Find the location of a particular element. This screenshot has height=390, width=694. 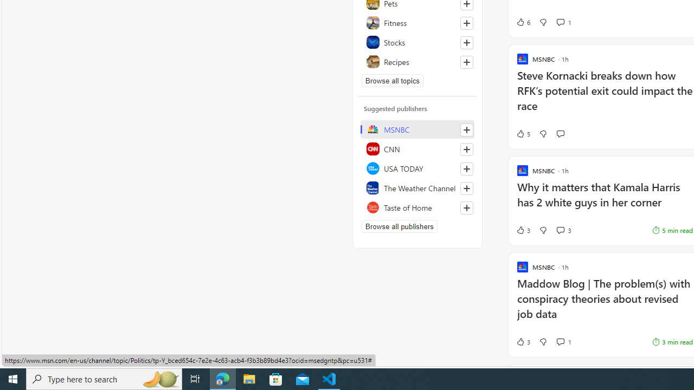

'Browse all topics' is located at coordinates (392, 80).